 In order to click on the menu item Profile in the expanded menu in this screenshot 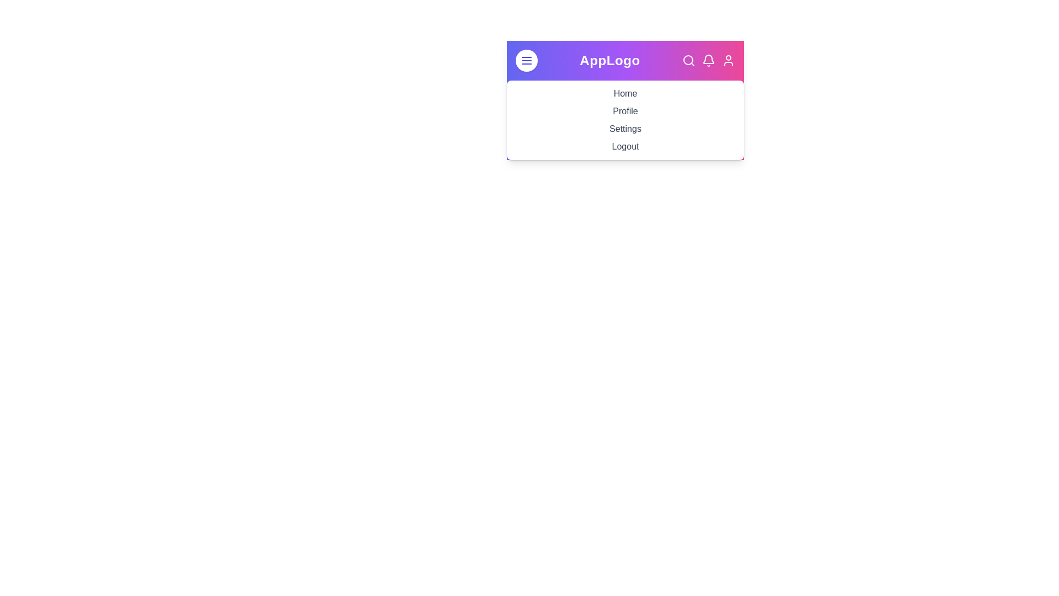, I will do `click(625, 111)`.